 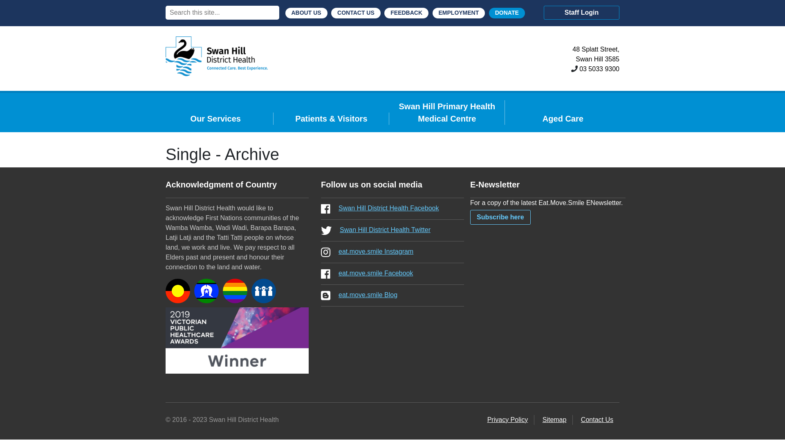 I want to click on 'eat.move.smile Facebook', so click(x=392, y=274).